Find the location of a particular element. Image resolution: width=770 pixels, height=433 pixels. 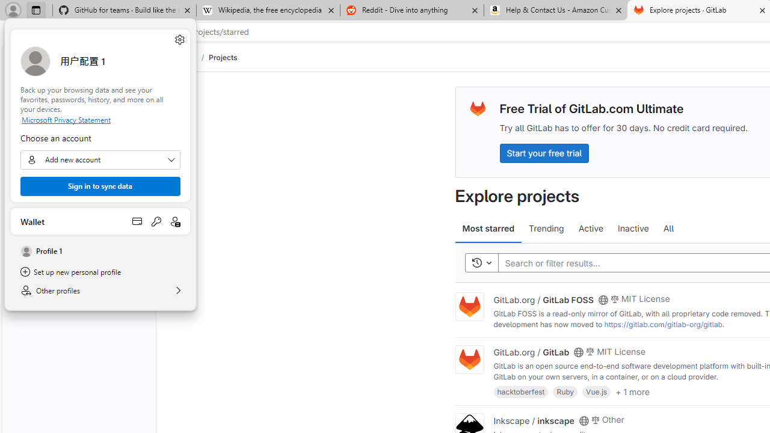

'GitLab.org / GitLab FOSS' is located at coordinates (543, 298).